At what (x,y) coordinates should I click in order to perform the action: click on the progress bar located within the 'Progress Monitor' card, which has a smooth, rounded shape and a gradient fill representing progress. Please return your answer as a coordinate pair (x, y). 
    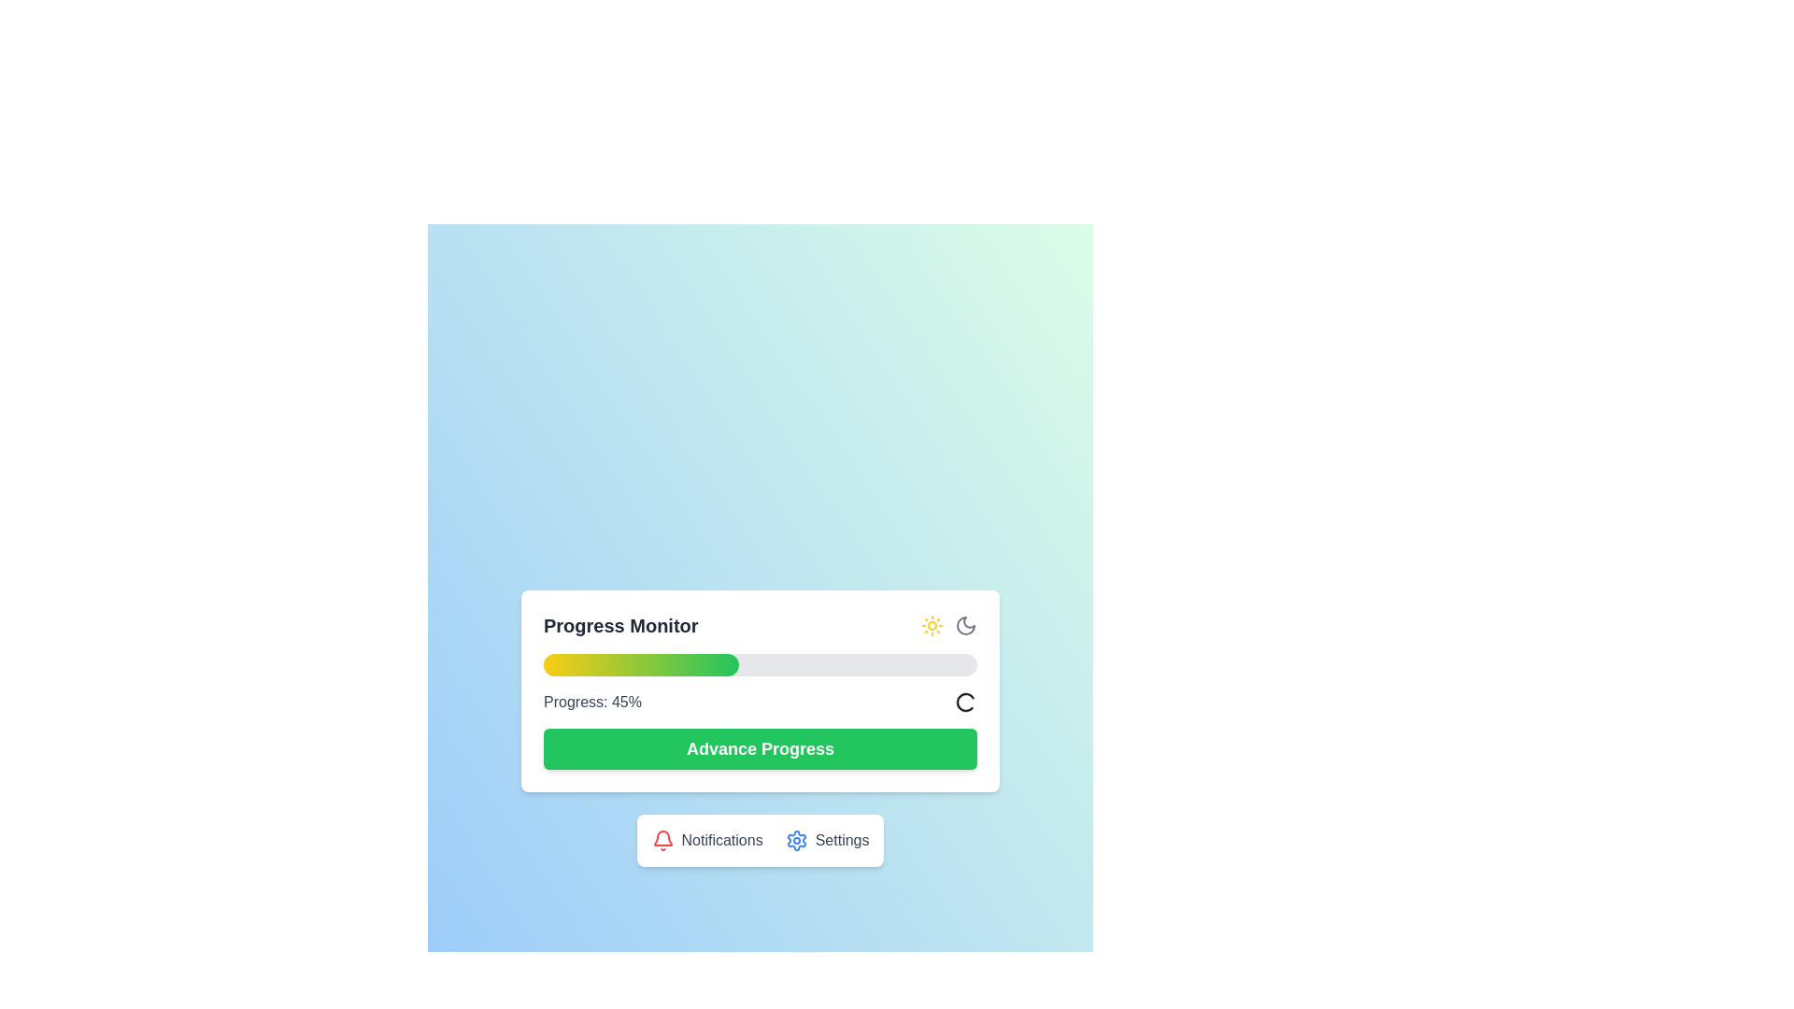
    Looking at the image, I should click on (761, 664).